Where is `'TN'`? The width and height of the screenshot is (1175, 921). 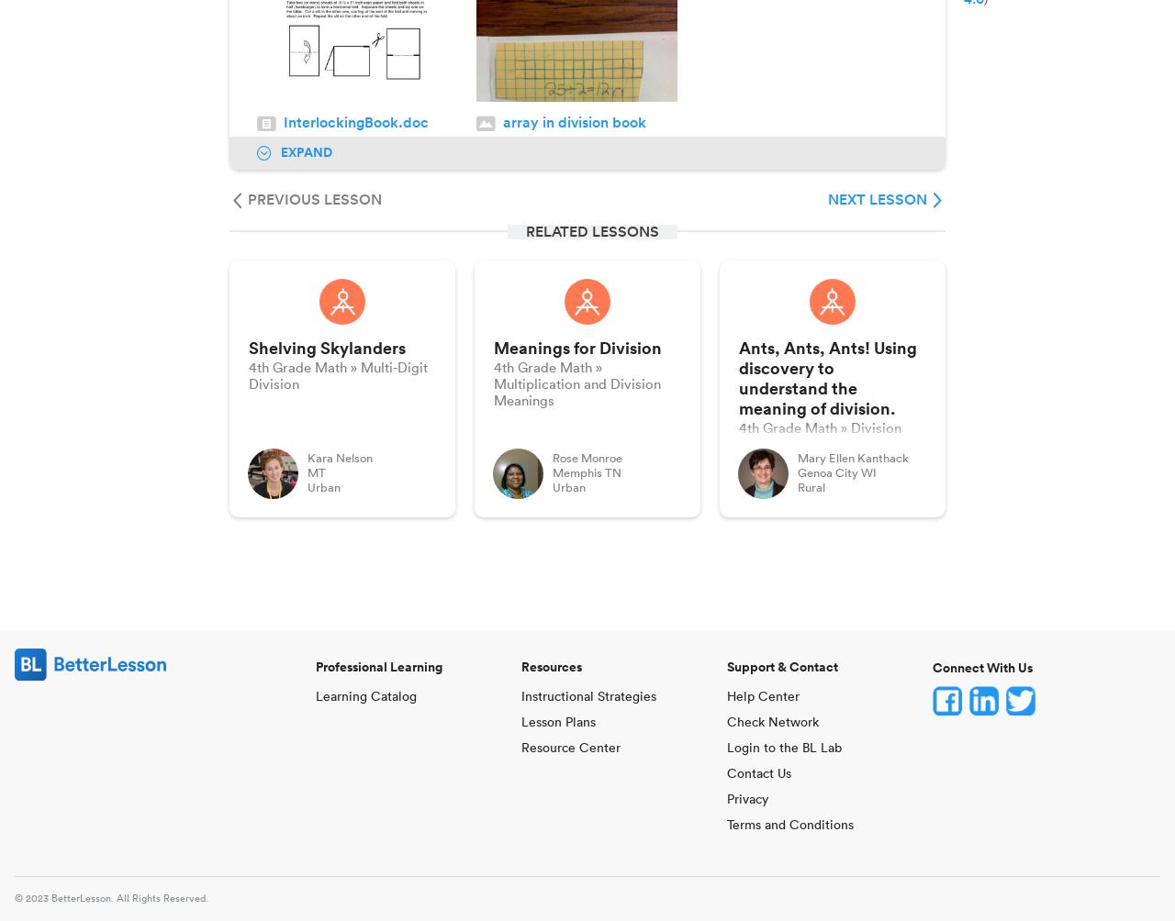 'TN' is located at coordinates (613, 472).